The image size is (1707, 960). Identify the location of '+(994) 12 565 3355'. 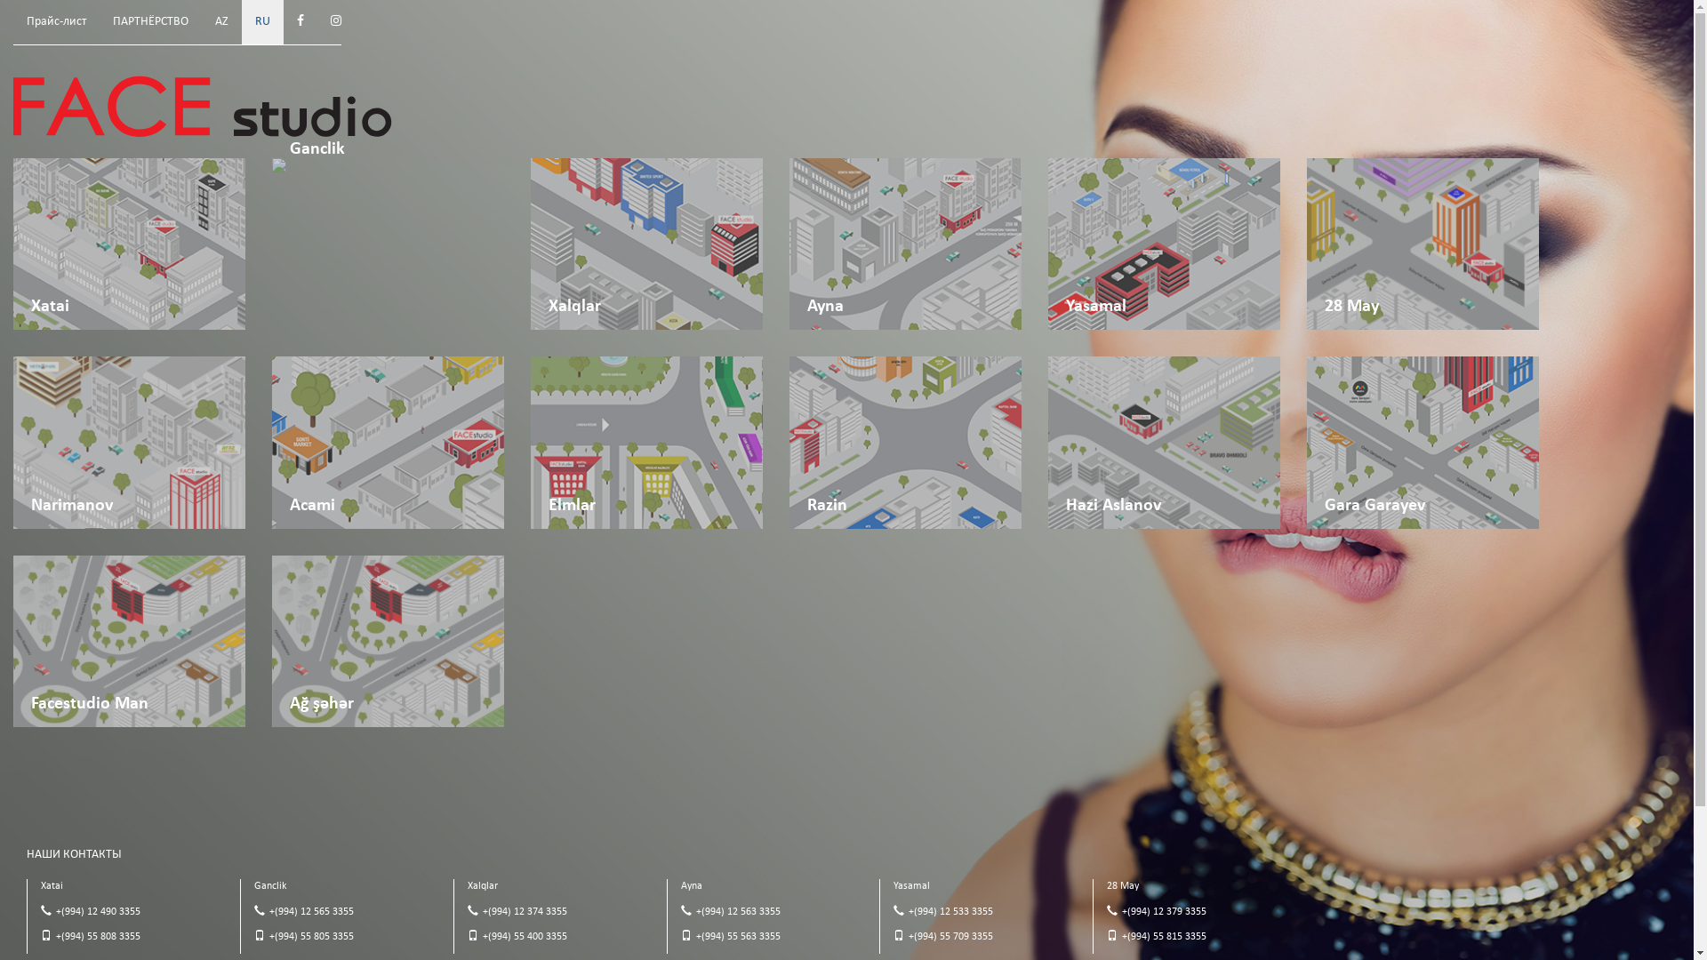
(311, 912).